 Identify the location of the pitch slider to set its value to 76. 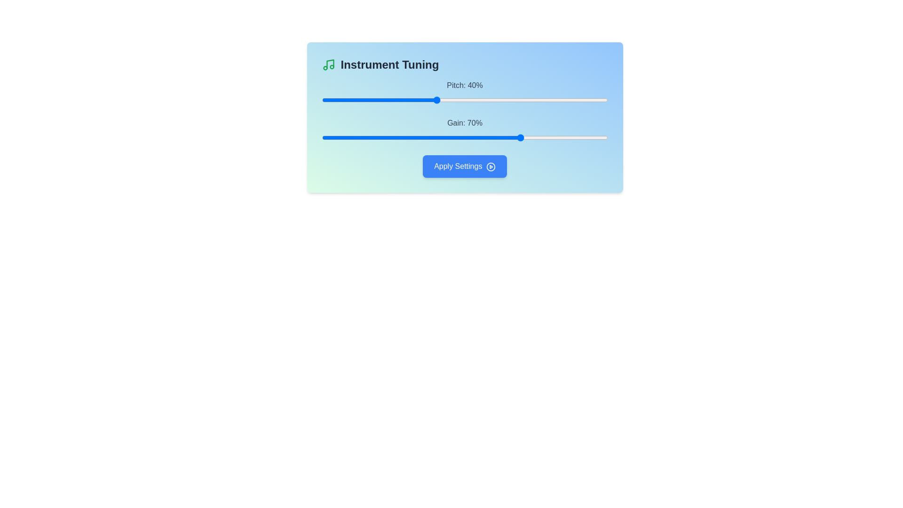
(539, 100).